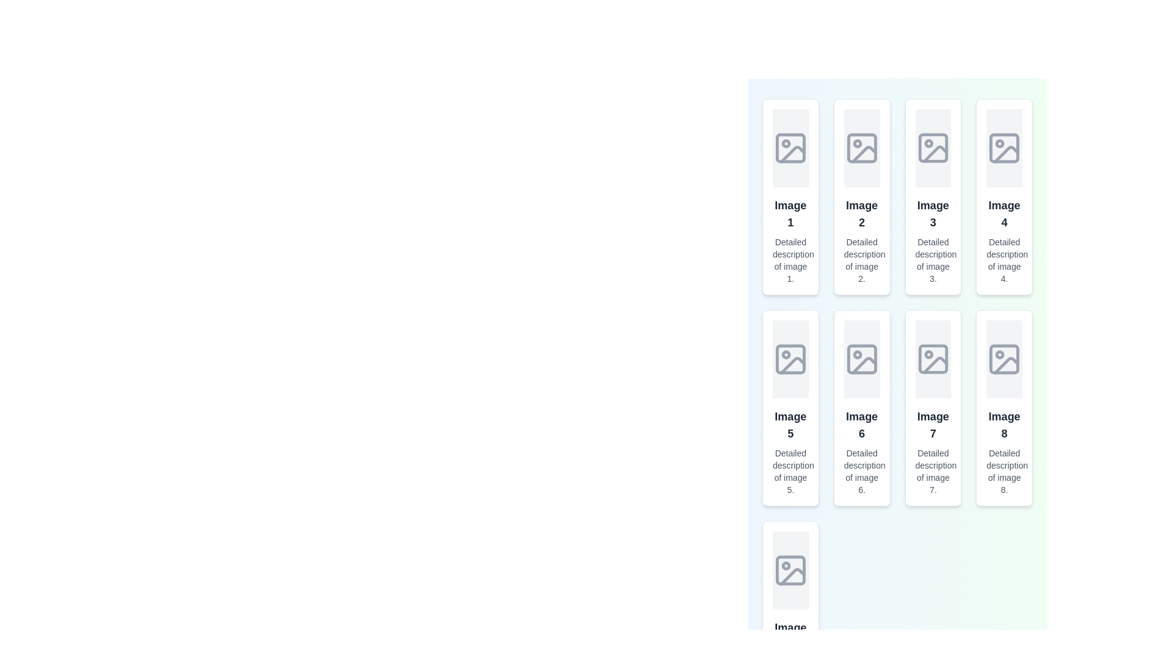 This screenshot has width=1172, height=659. What do you see at coordinates (861, 148) in the screenshot?
I see `the SVG rectangle component that is part of the graphical representation of a generic image placeholder icon, located in the second image placeholder icon in the first row of a grid view` at bounding box center [861, 148].